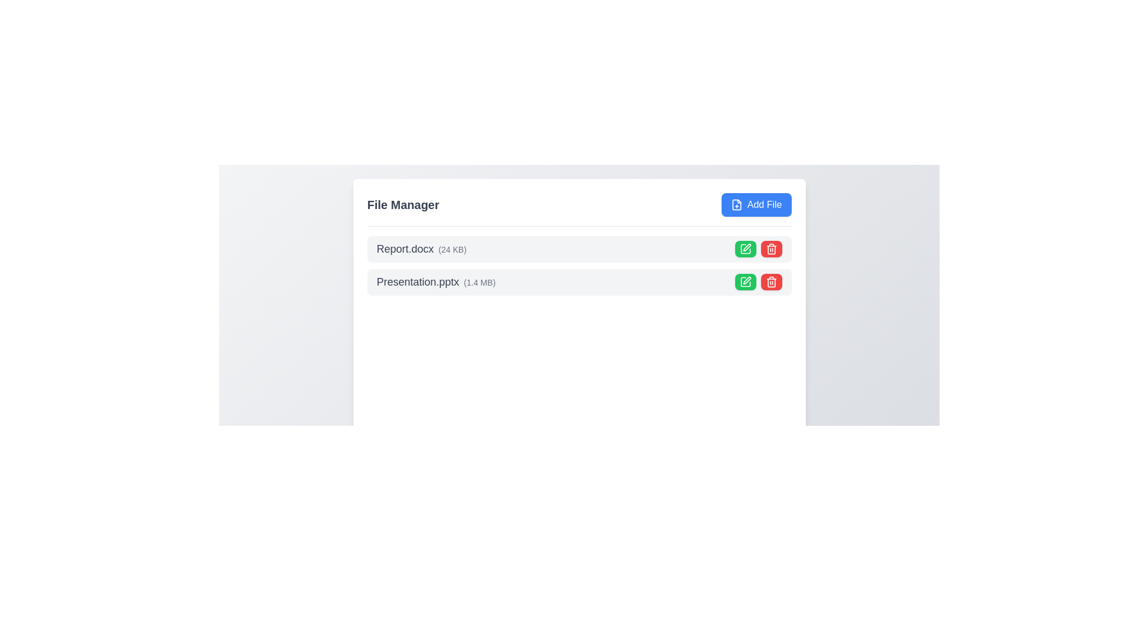 Image resolution: width=1131 pixels, height=636 pixels. What do you see at coordinates (745, 281) in the screenshot?
I see `the green pen icon button associated with the 'Presentation.pptx' file entry to initiate editing` at bounding box center [745, 281].